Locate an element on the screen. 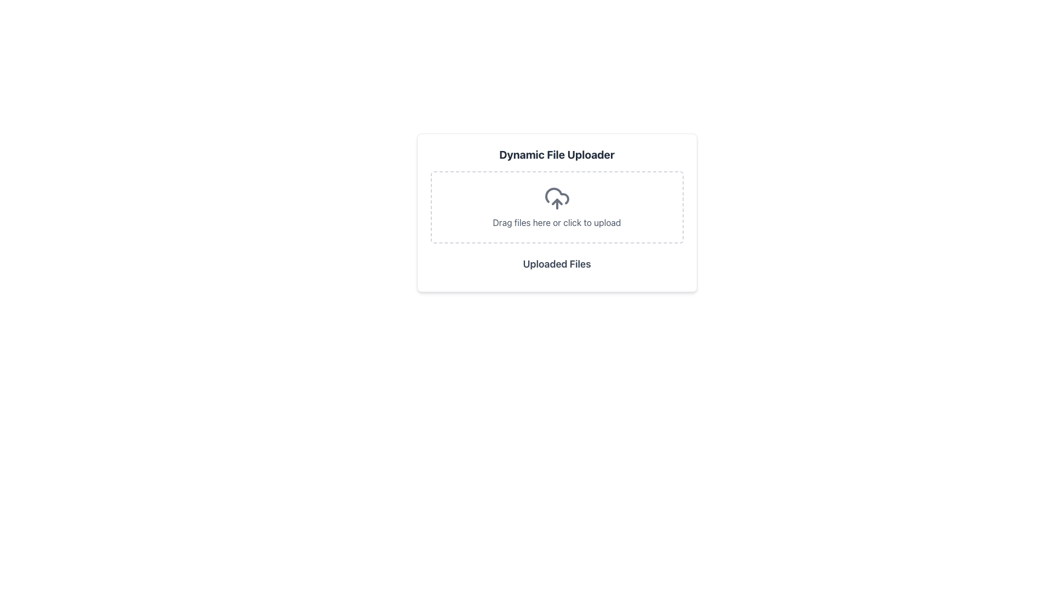 Image resolution: width=1051 pixels, height=591 pixels. the cloud icon element in the upload section, which is a smooth gray vector graphic positioned in the top-center of the upload area, above the 'Drag files here or click to upload' text is located at coordinates (557, 195).